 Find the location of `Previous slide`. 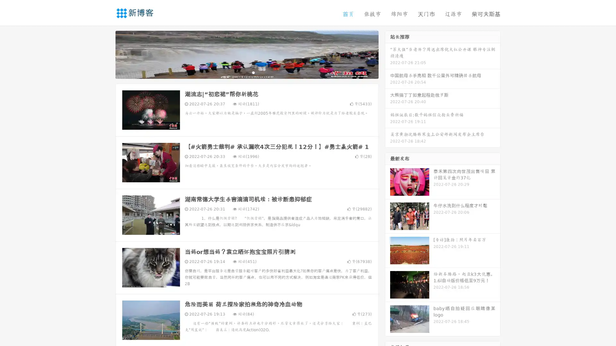

Previous slide is located at coordinates (106, 54).